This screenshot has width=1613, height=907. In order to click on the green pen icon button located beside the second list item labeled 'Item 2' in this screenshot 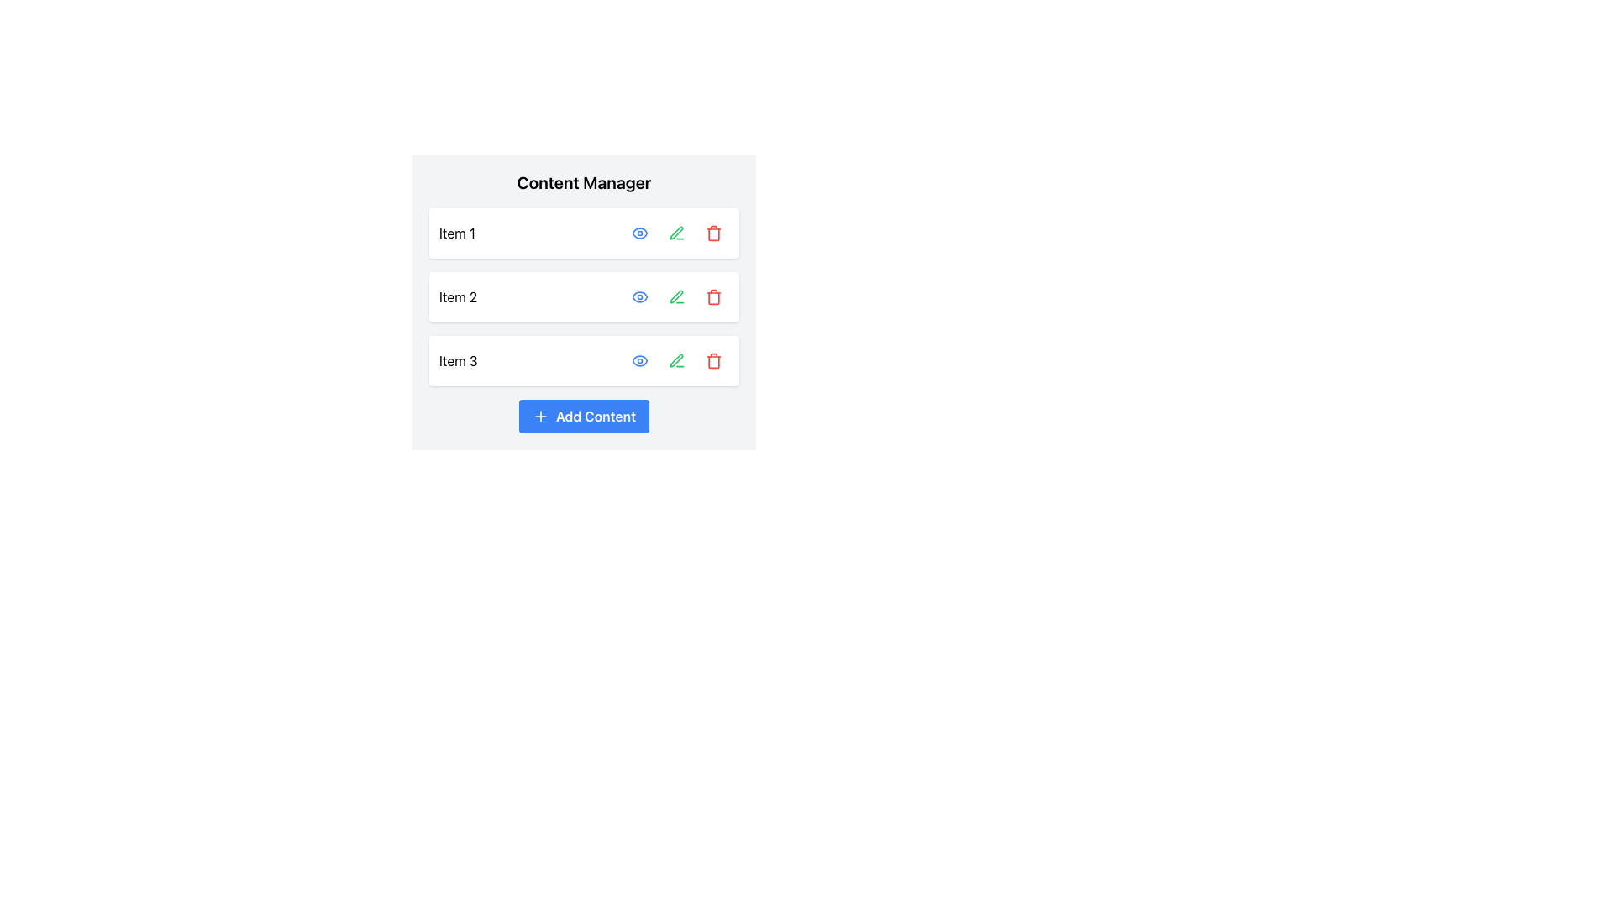, I will do `click(677, 296)`.